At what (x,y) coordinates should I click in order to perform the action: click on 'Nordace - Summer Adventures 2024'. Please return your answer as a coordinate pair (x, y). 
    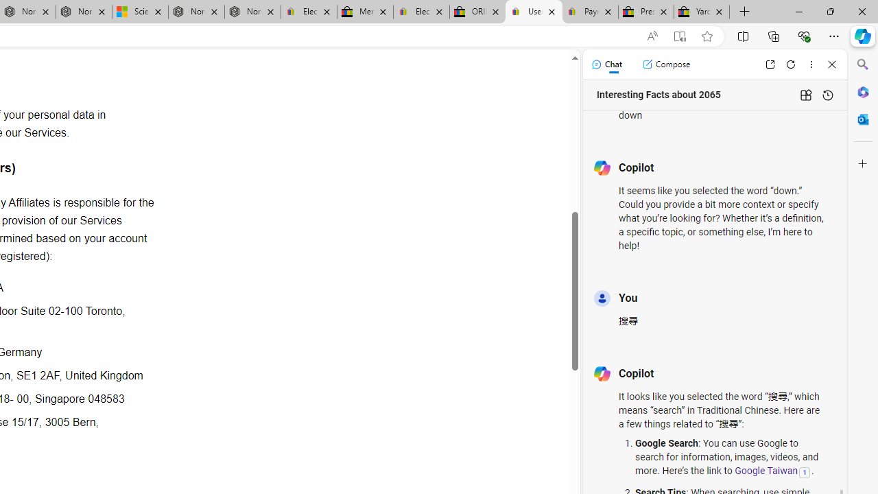
    Looking at the image, I should click on (195, 12).